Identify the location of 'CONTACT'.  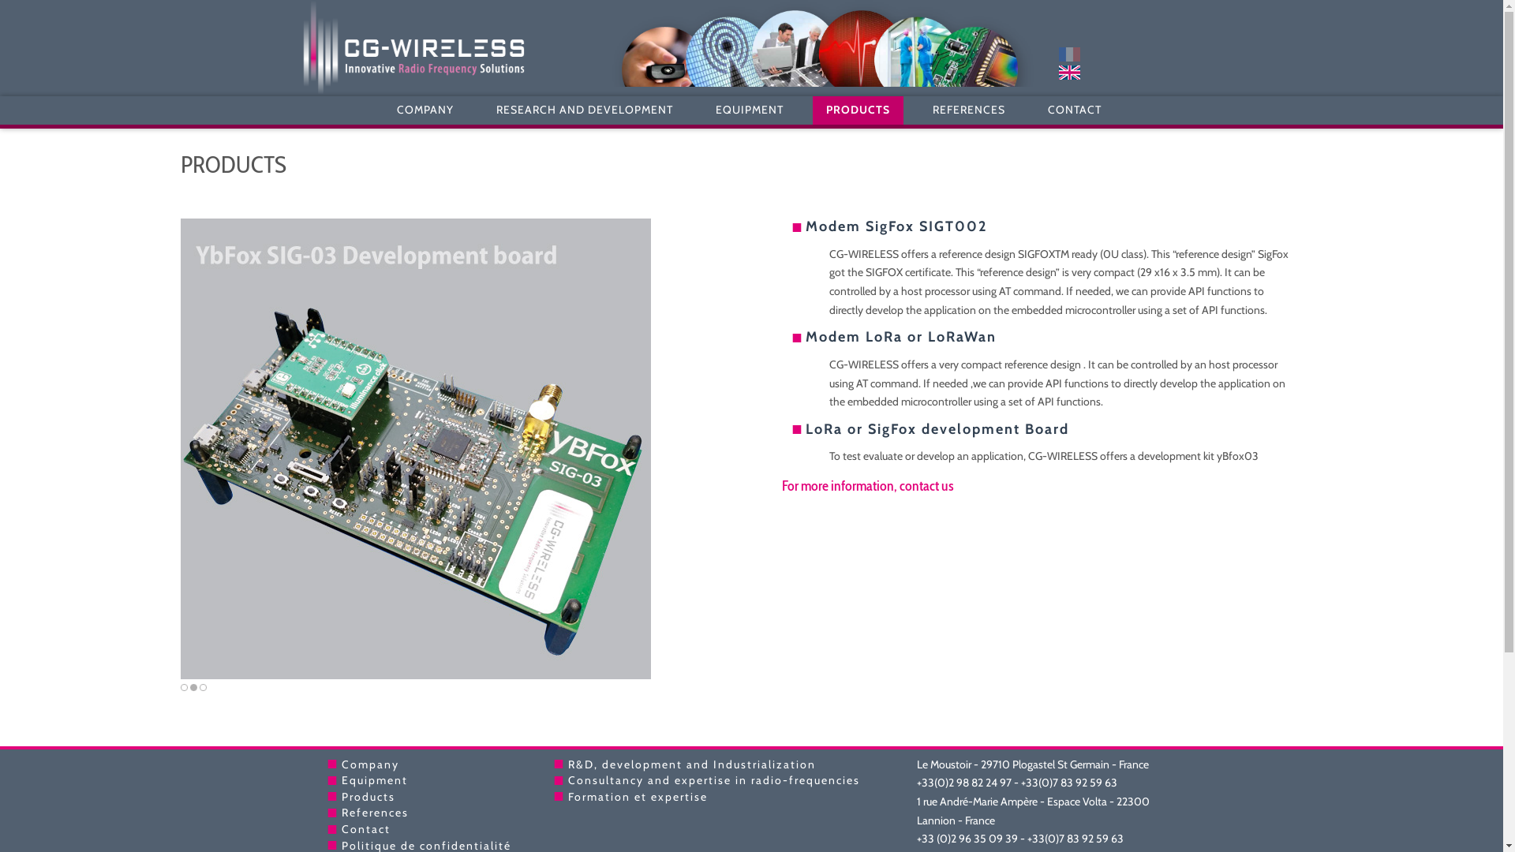
(1034, 109).